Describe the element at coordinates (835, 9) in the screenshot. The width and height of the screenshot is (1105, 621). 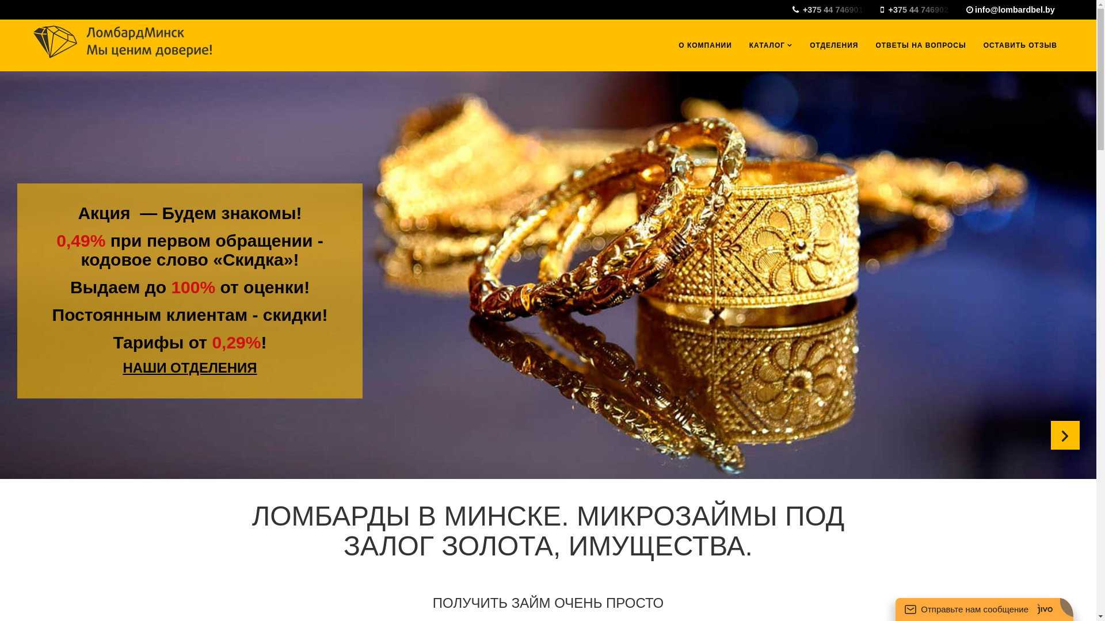
I see `'+375 44 746901'` at that location.